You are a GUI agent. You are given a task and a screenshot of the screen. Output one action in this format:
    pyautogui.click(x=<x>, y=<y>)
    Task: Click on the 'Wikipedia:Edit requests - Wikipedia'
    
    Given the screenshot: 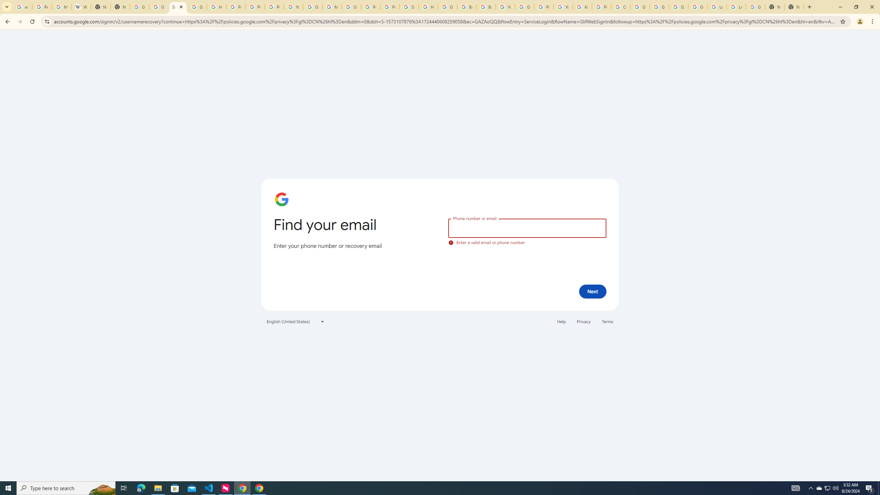 What is the action you would take?
    pyautogui.click(x=81, y=7)
    